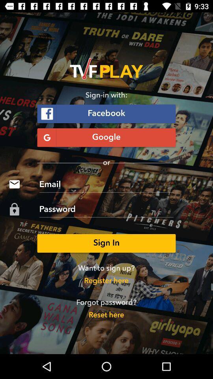  Describe the element at coordinates (106, 281) in the screenshot. I see `the item above forgot password? icon` at that location.